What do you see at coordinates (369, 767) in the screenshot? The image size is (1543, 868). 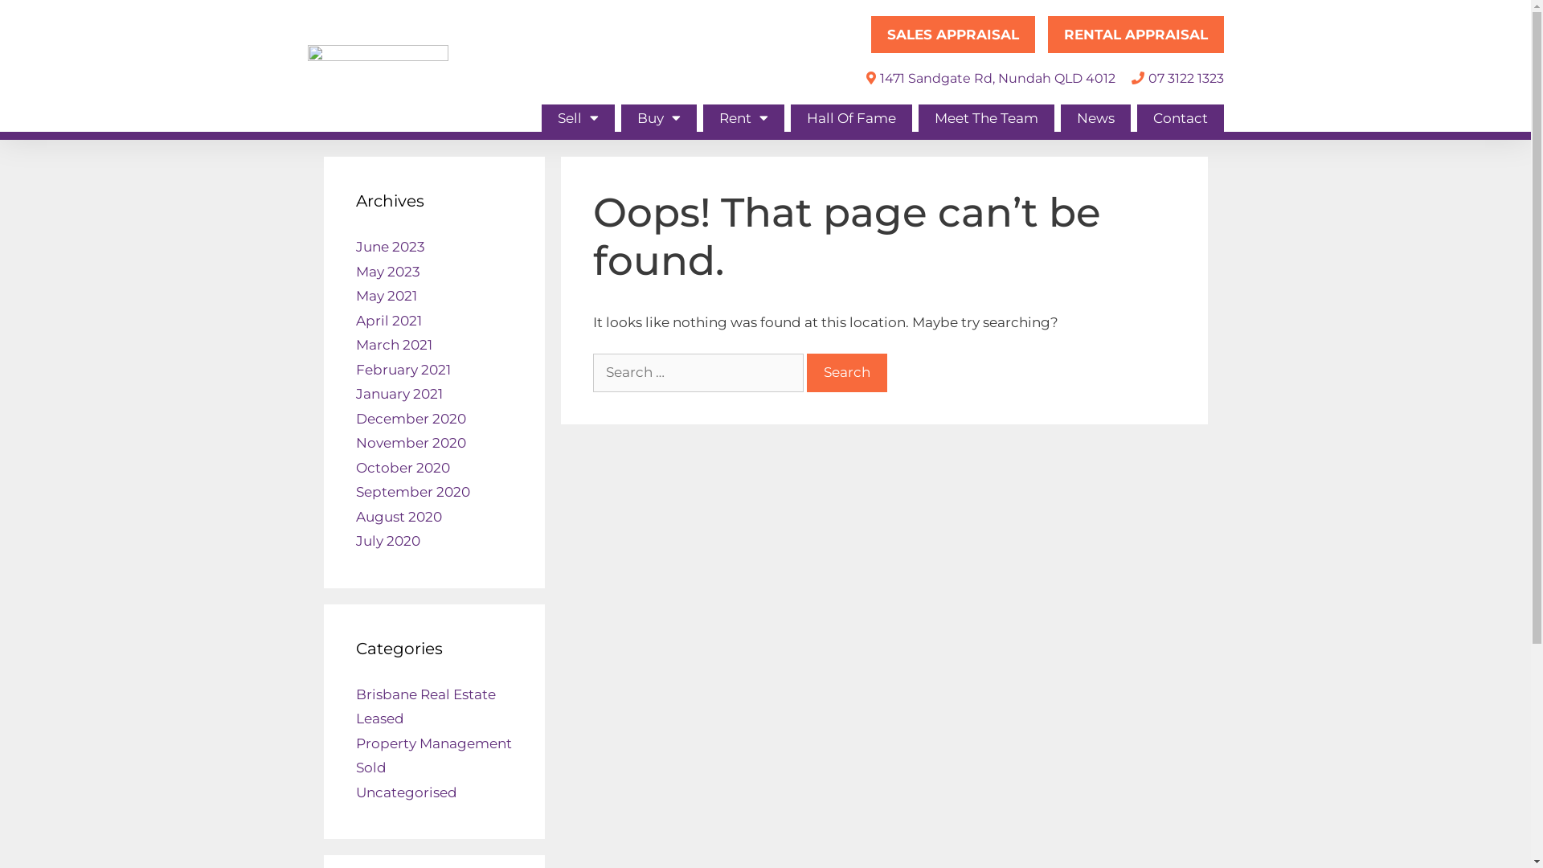 I see `'Sold'` at bounding box center [369, 767].